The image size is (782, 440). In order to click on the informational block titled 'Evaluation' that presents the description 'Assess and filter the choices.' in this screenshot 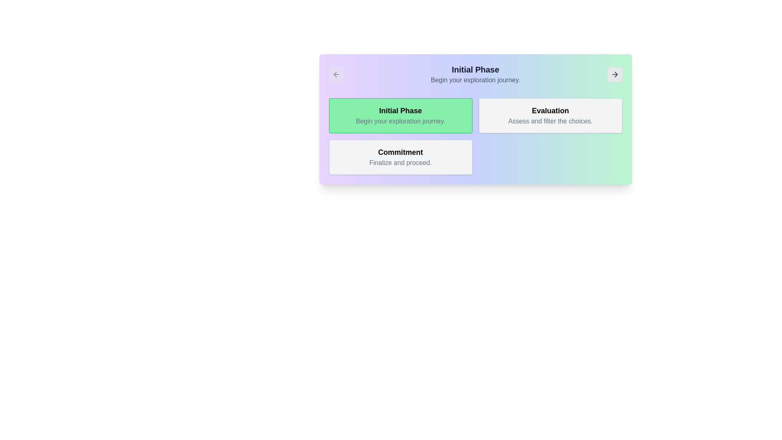, I will do `click(550, 116)`.